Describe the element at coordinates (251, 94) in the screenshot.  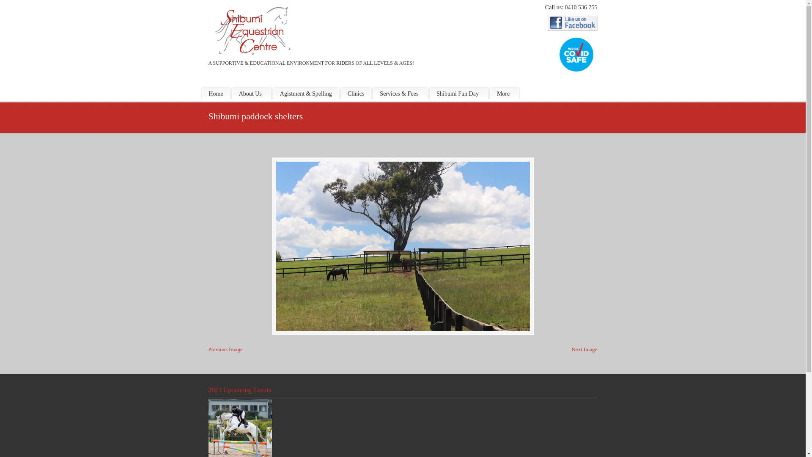
I see `'About Us'` at that location.